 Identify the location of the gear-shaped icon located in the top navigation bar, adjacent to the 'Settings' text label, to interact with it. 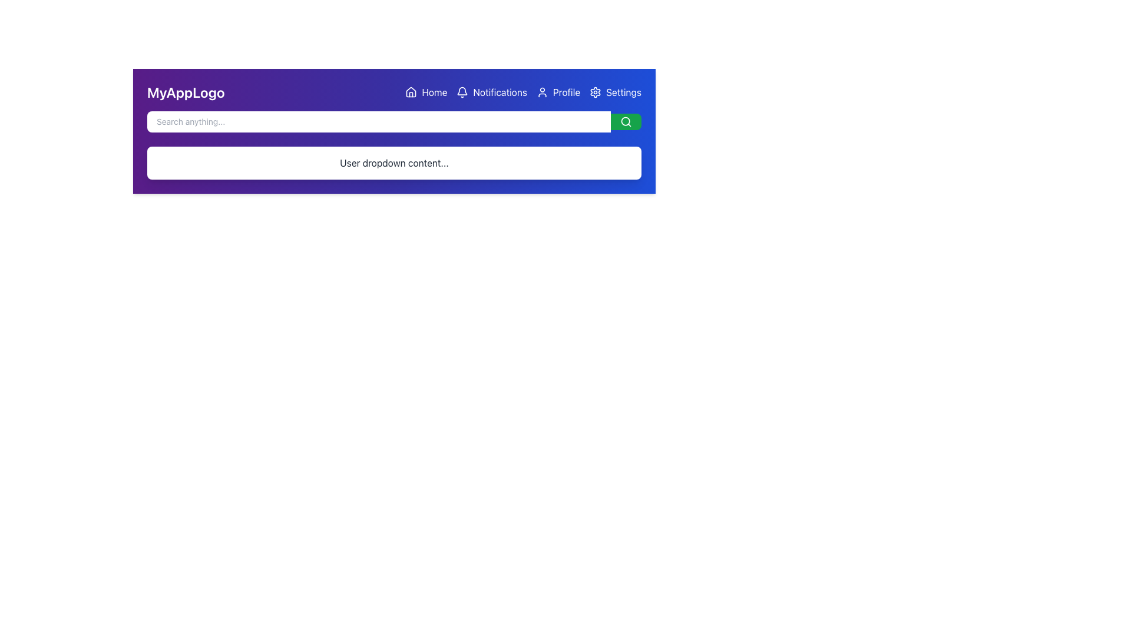
(596, 92).